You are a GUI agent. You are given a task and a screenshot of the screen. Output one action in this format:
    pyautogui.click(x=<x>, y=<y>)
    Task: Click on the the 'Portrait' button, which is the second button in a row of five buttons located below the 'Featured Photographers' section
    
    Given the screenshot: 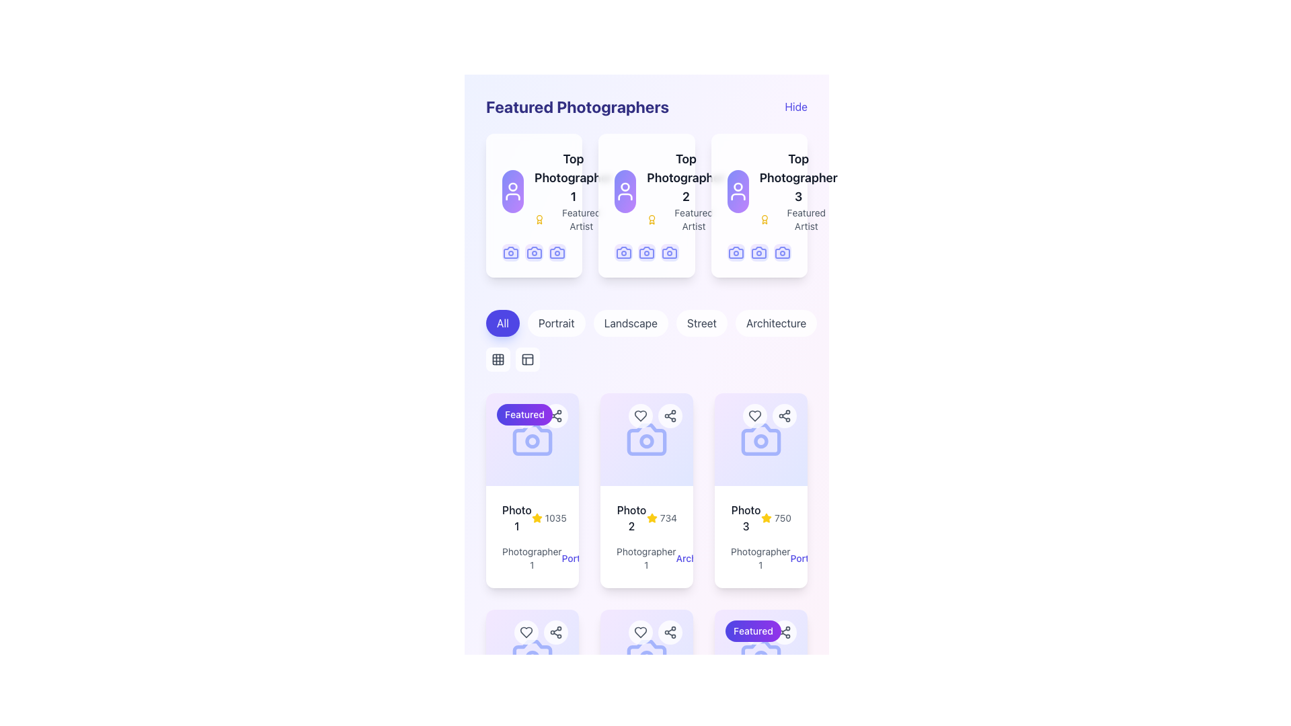 What is the action you would take?
    pyautogui.click(x=556, y=323)
    